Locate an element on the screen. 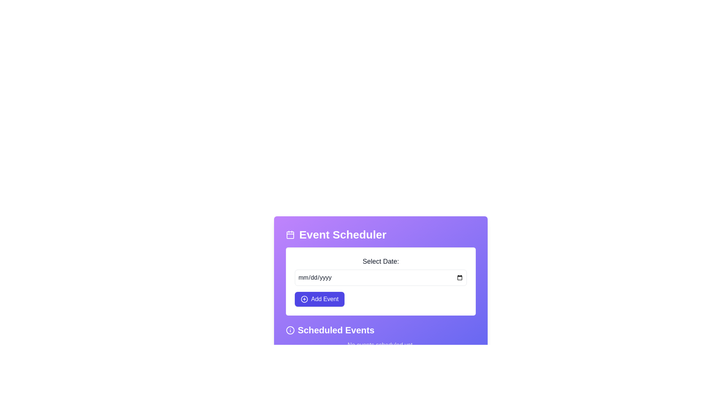  the decorative icon representing scheduling or calendar functionality located at the top-left corner of the 'Event Scheduler' header, preceding the text 'Event Scheduler' is located at coordinates (290, 234).